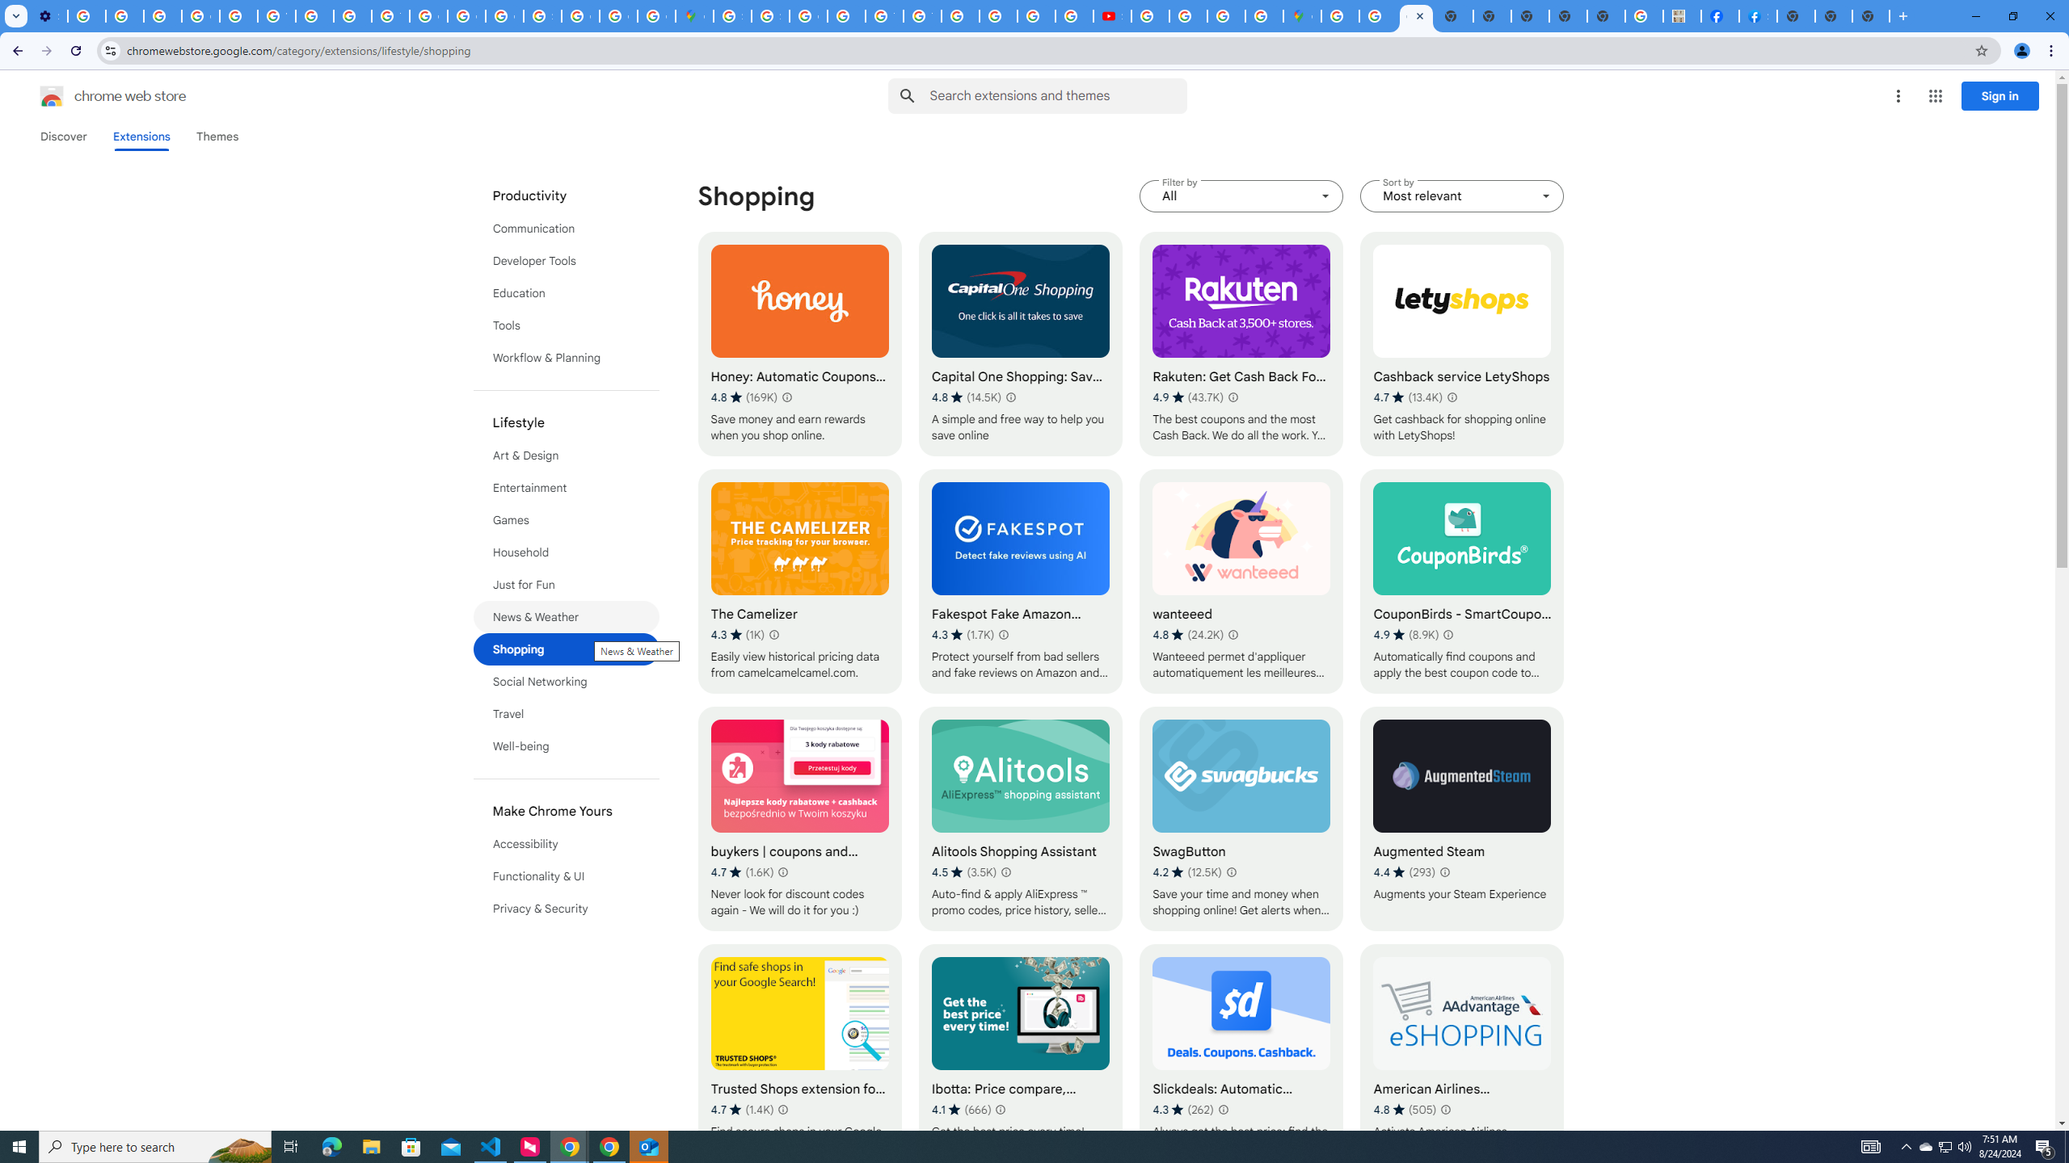 The width and height of the screenshot is (2069, 1163). What do you see at coordinates (1871, 15) in the screenshot?
I see `'New Tab'` at bounding box center [1871, 15].